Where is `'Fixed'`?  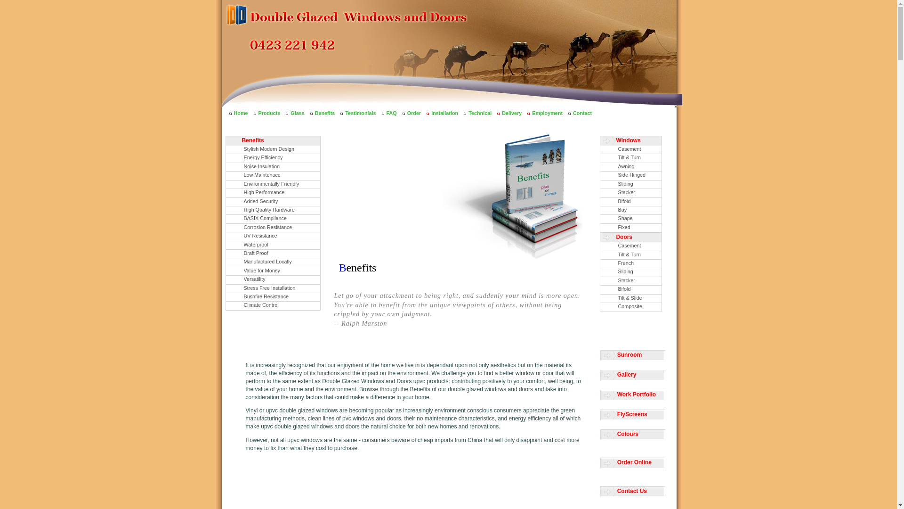
'Fixed' is located at coordinates (630, 228).